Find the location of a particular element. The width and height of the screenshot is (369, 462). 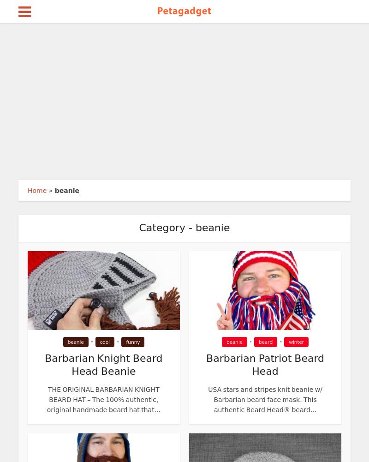

'USA stars and stripes knit beanie w/ Barbarian beard face mask. This authentic Beard Head® beard...' is located at coordinates (264, 399).